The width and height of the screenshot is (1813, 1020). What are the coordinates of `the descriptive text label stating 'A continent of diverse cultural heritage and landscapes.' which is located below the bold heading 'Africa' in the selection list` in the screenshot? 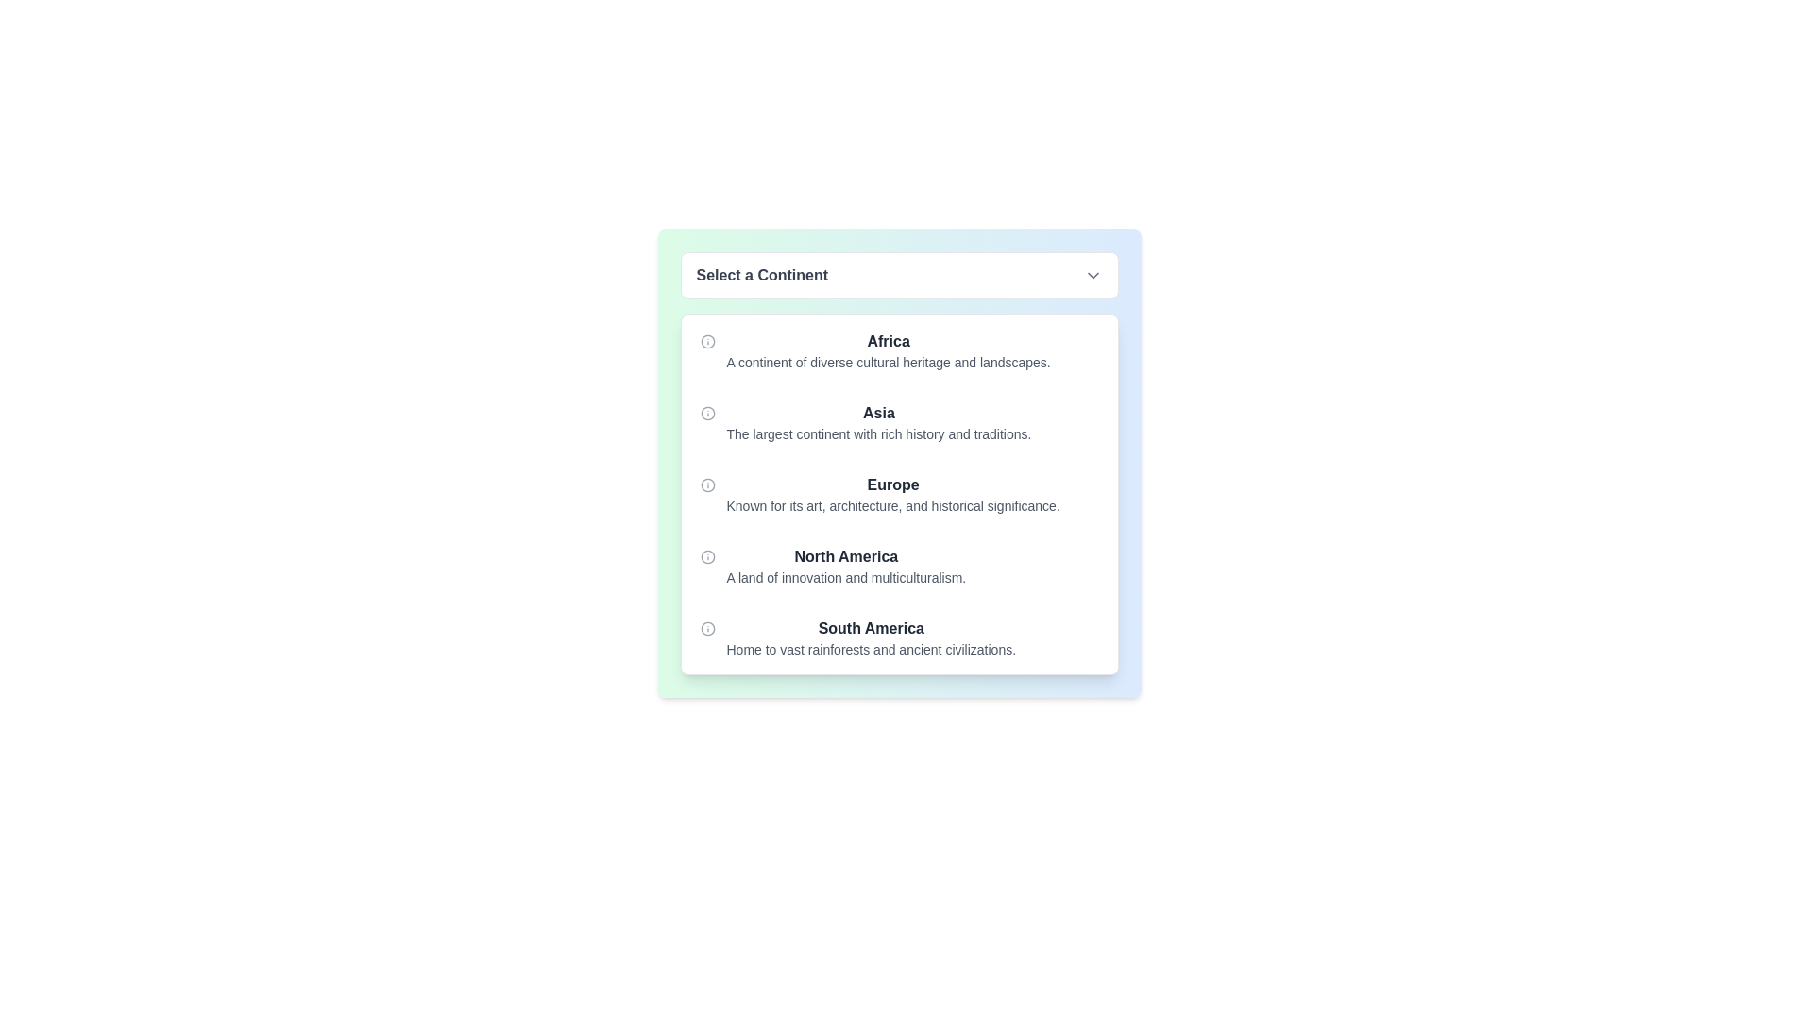 It's located at (888, 363).